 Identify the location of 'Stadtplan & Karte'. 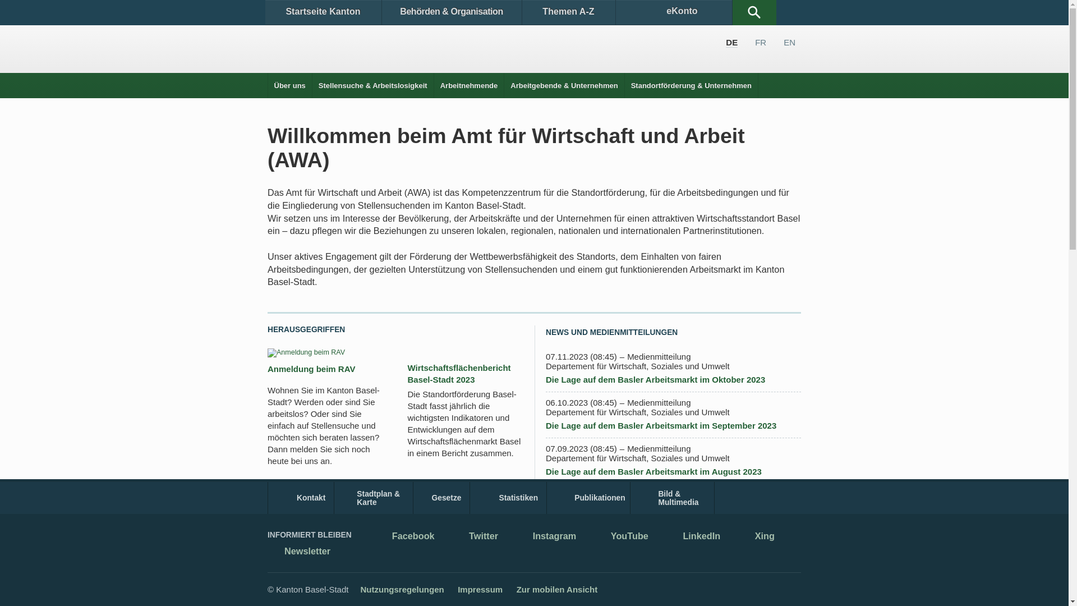
(374, 497).